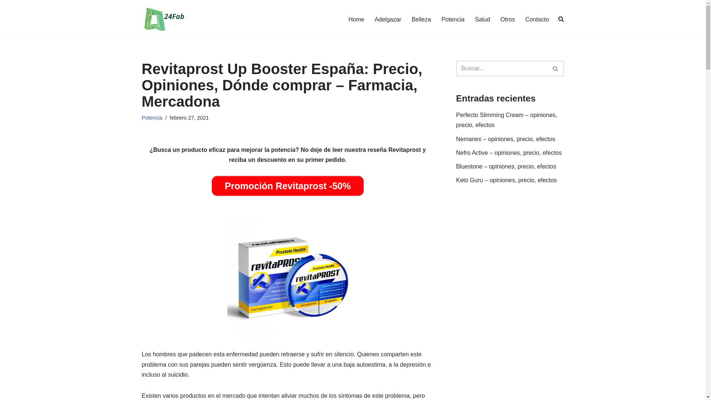 The image size is (711, 400). What do you see at coordinates (507, 19) in the screenshot?
I see `'Otros'` at bounding box center [507, 19].